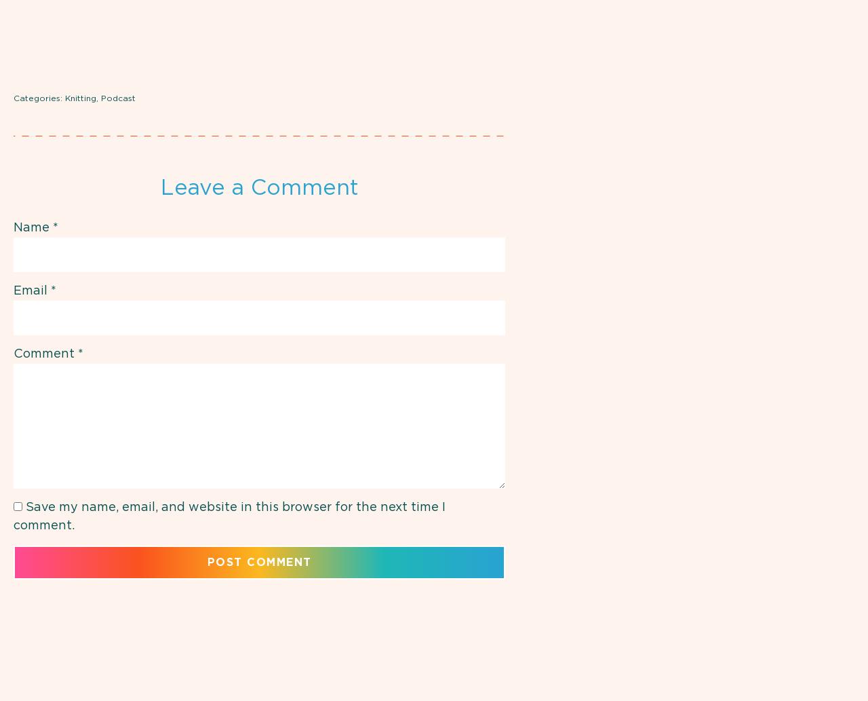 The image size is (868, 701). I want to click on ',', so click(98, 98).